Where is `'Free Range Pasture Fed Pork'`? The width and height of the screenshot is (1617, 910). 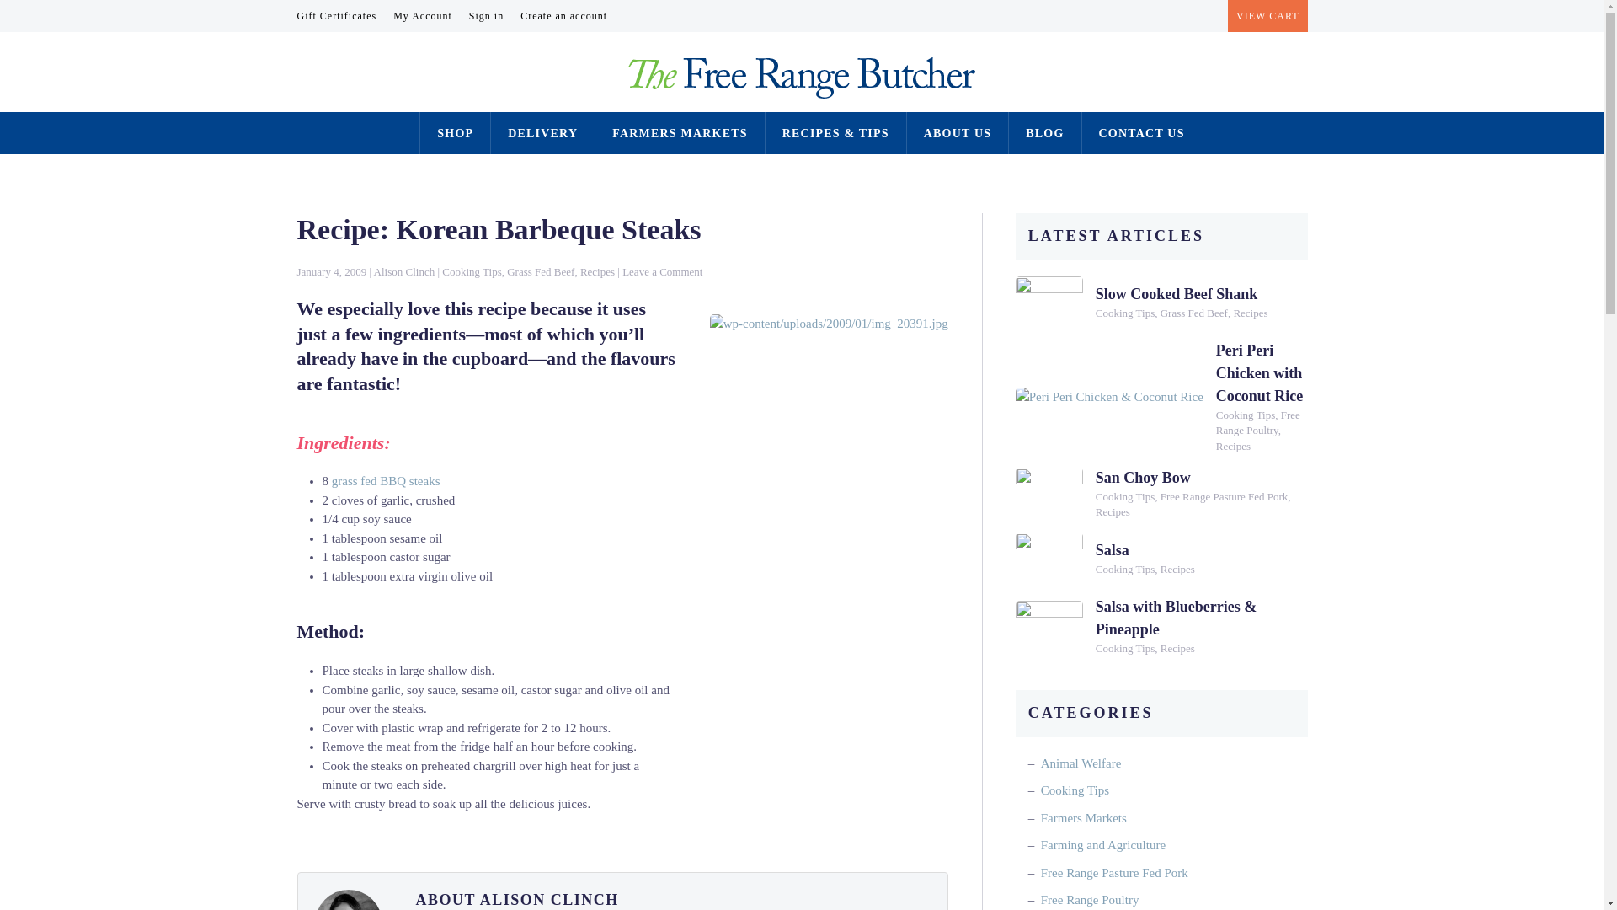
'Free Range Pasture Fed Pork' is located at coordinates (1114, 872).